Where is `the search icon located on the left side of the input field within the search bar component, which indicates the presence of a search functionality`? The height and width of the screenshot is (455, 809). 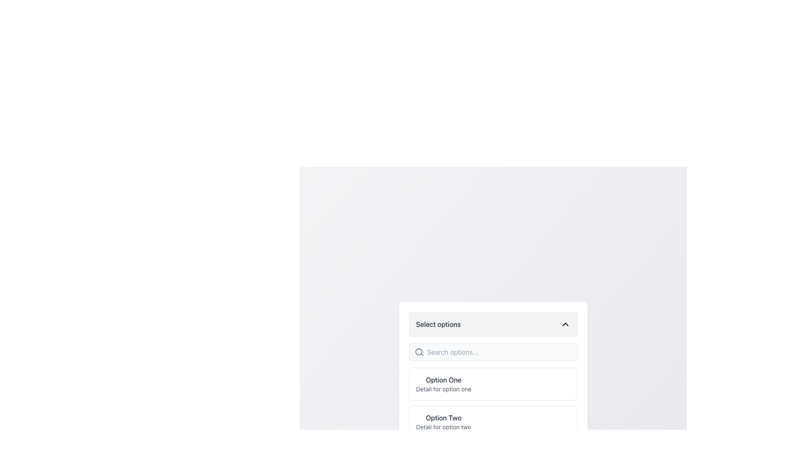 the search icon located on the left side of the input field within the search bar component, which indicates the presence of a search functionality is located at coordinates (419, 352).